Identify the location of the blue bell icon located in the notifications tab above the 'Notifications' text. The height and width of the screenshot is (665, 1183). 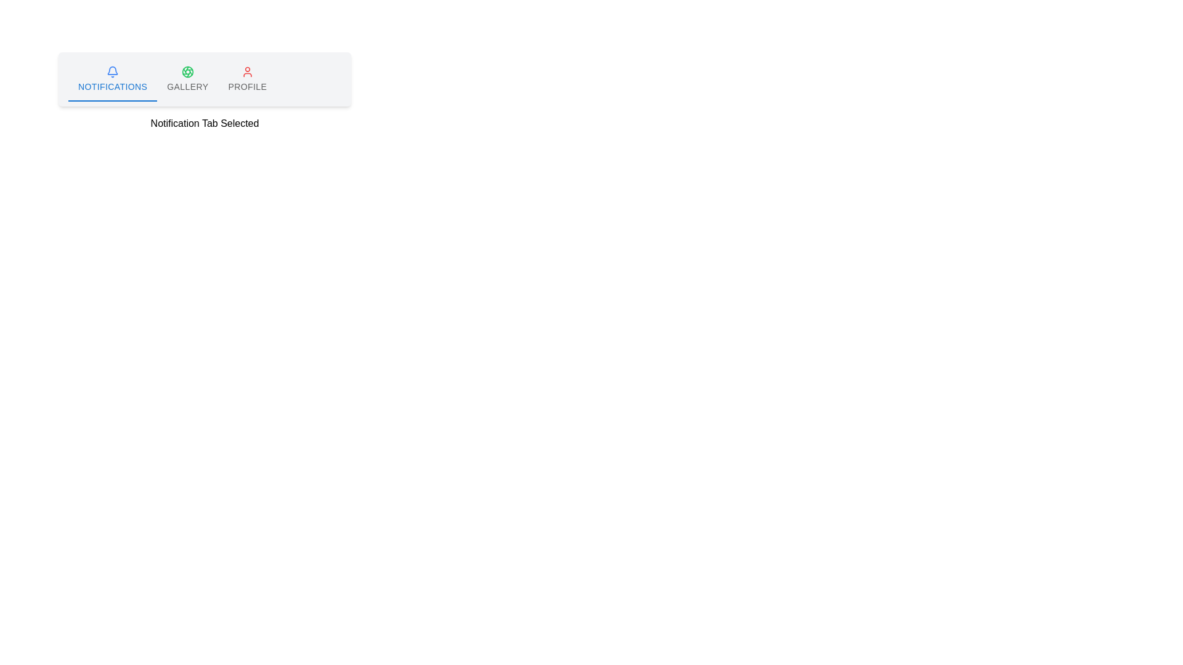
(113, 72).